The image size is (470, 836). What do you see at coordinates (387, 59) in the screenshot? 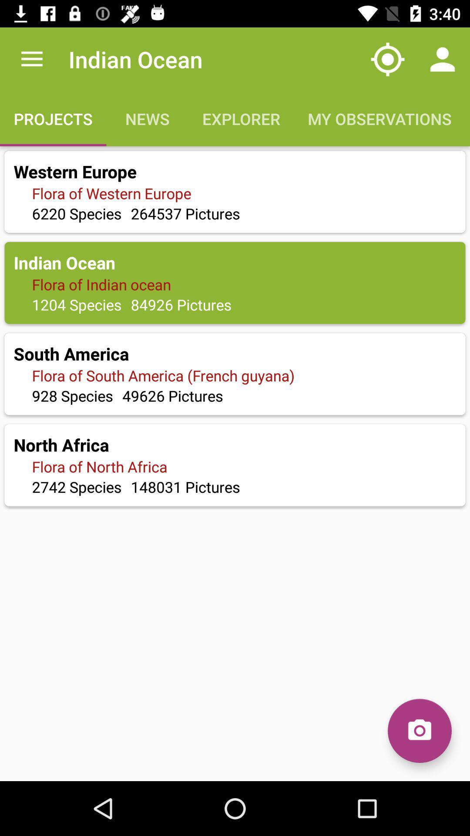
I see `icon above my observations item` at bounding box center [387, 59].